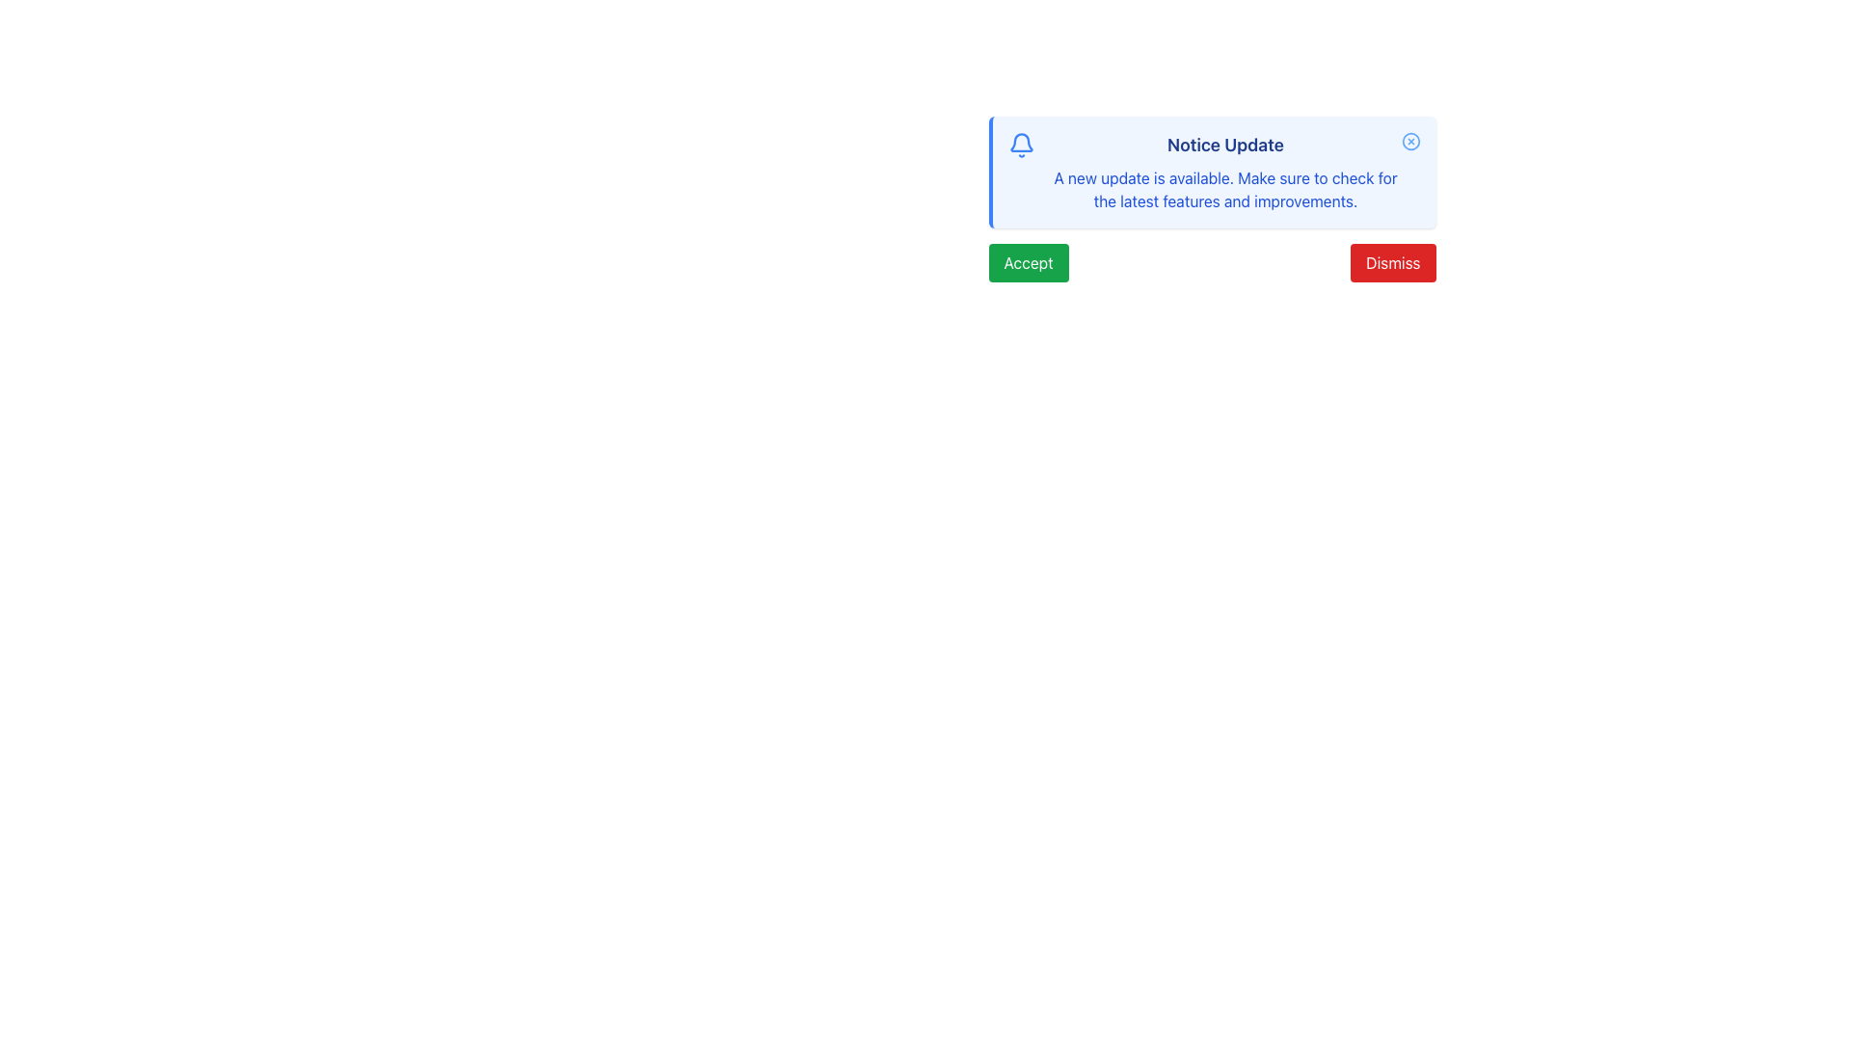 The height and width of the screenshot is (1041, 1851). What do you see at coordinates (1224, 171) in the screenshot?
I see `text from the 'Notice Update' notification display that contains the message about the new update available` at bounding box center [1224, 171].